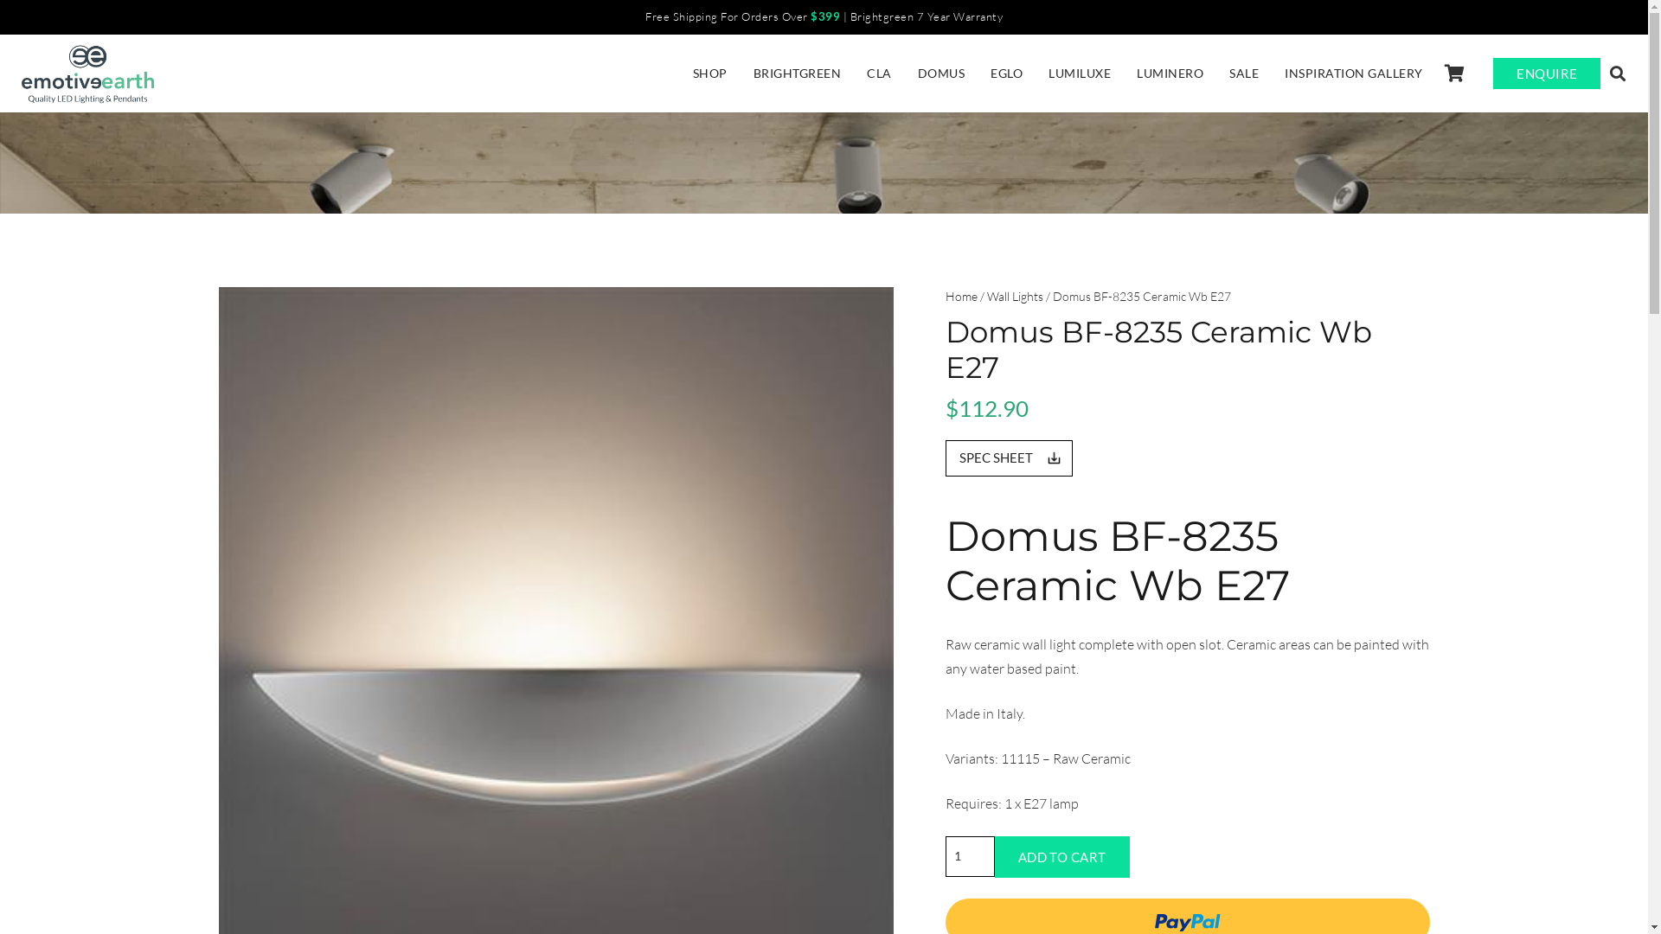 The height and width of the screenshot is (934, 1661). I want to click on 'BRIGHTGREEN', so click(796, 72).